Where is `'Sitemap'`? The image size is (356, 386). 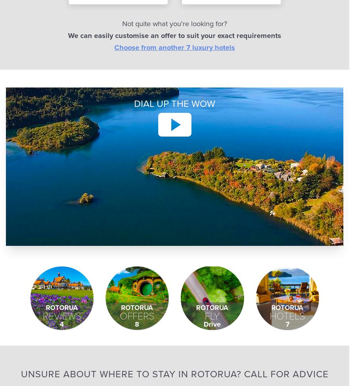
'Sitemap' is located at coordinates (162, 43).